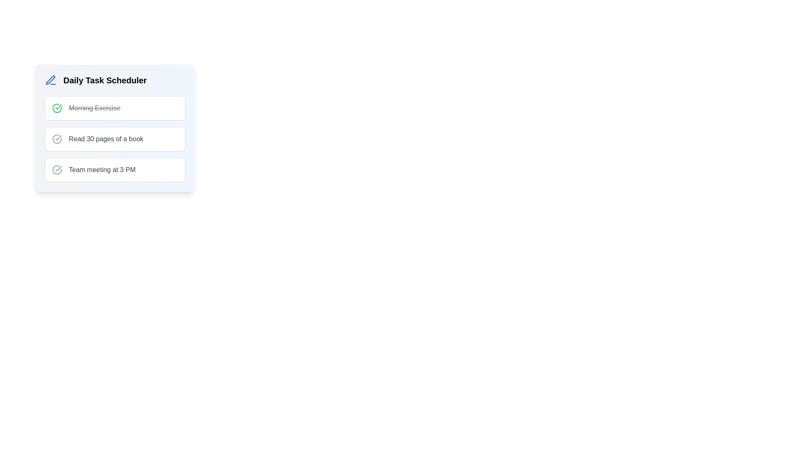 The width and height of the screenshot is (801, 450). What do you see at coordinates (57, 139) in the screenshot?
I see `the light gray check mark icon located in the second entry of the task list to mark the task 'Read 30 pages of a book' as completed` at bounding box center [57, 139].